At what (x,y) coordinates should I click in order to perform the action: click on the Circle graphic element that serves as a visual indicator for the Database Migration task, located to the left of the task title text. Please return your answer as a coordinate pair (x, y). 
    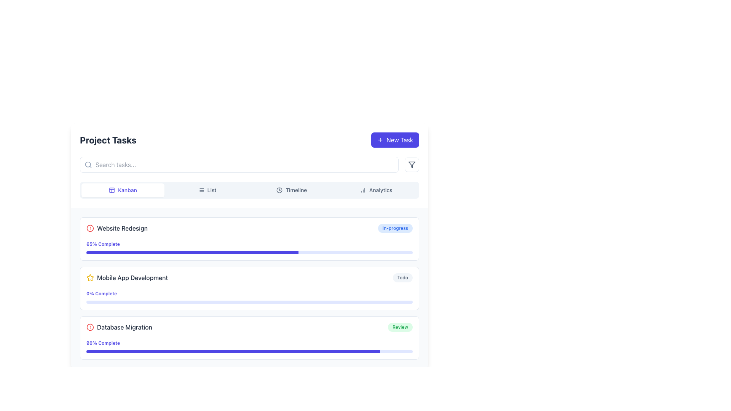
    Looking at the image, I should click on (90, 327).